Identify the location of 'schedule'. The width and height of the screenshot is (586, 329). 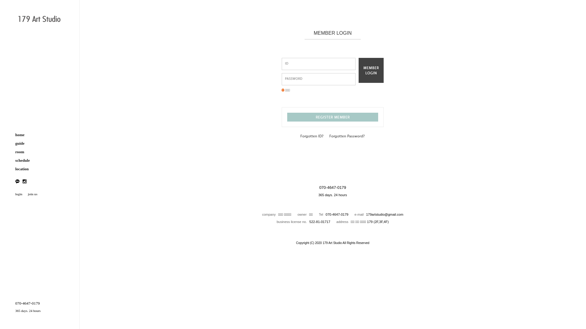
(39, 160).